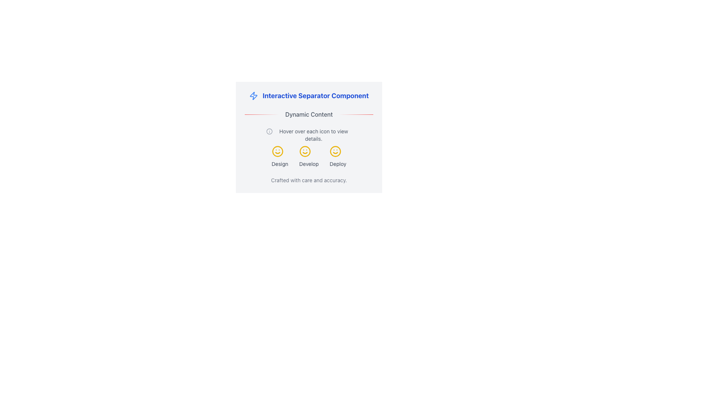 This screenshot has height=400, width=711. Describe the element at coordinates (309, 156) in the screenshot. I see `the yellow smiley icon in the 'Develop' section of the horizontally aligned Icon with Label to interact` at that location.